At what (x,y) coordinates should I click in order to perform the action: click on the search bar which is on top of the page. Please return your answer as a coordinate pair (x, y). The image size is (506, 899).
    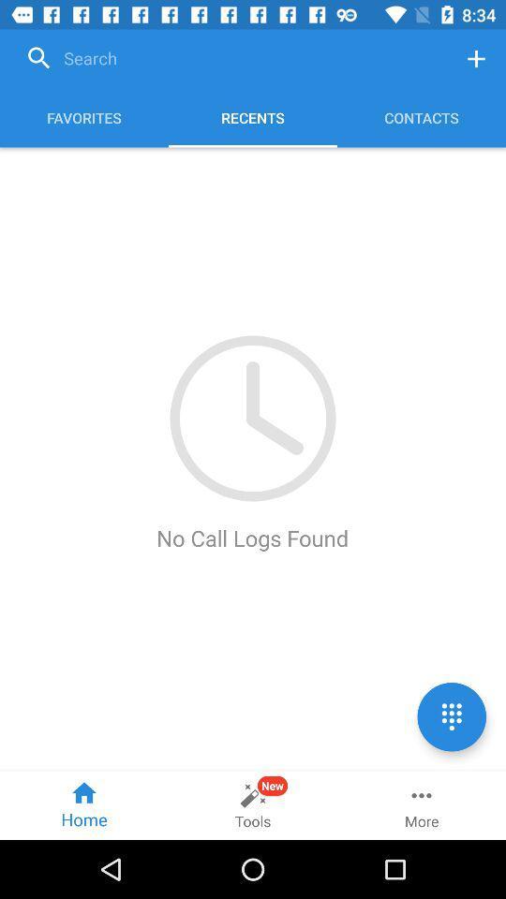
    Looking at the image, I should click on (232, 59).